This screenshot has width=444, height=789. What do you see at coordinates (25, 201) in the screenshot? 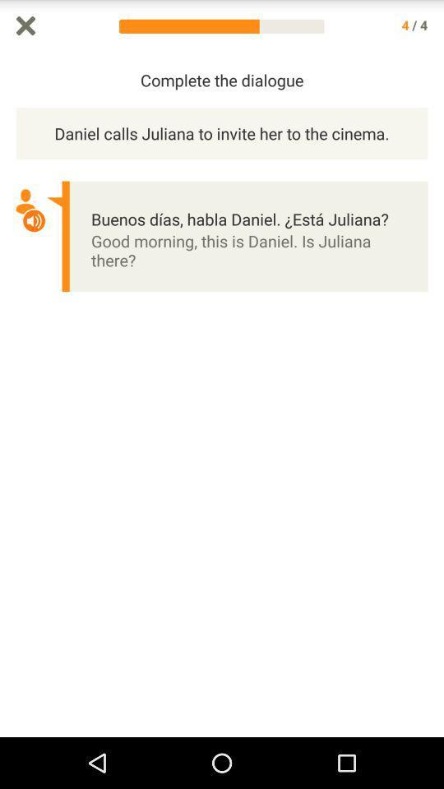
I see `a icon which is above volume icon which is on the left side of the page` at bounding box center [25, 201].